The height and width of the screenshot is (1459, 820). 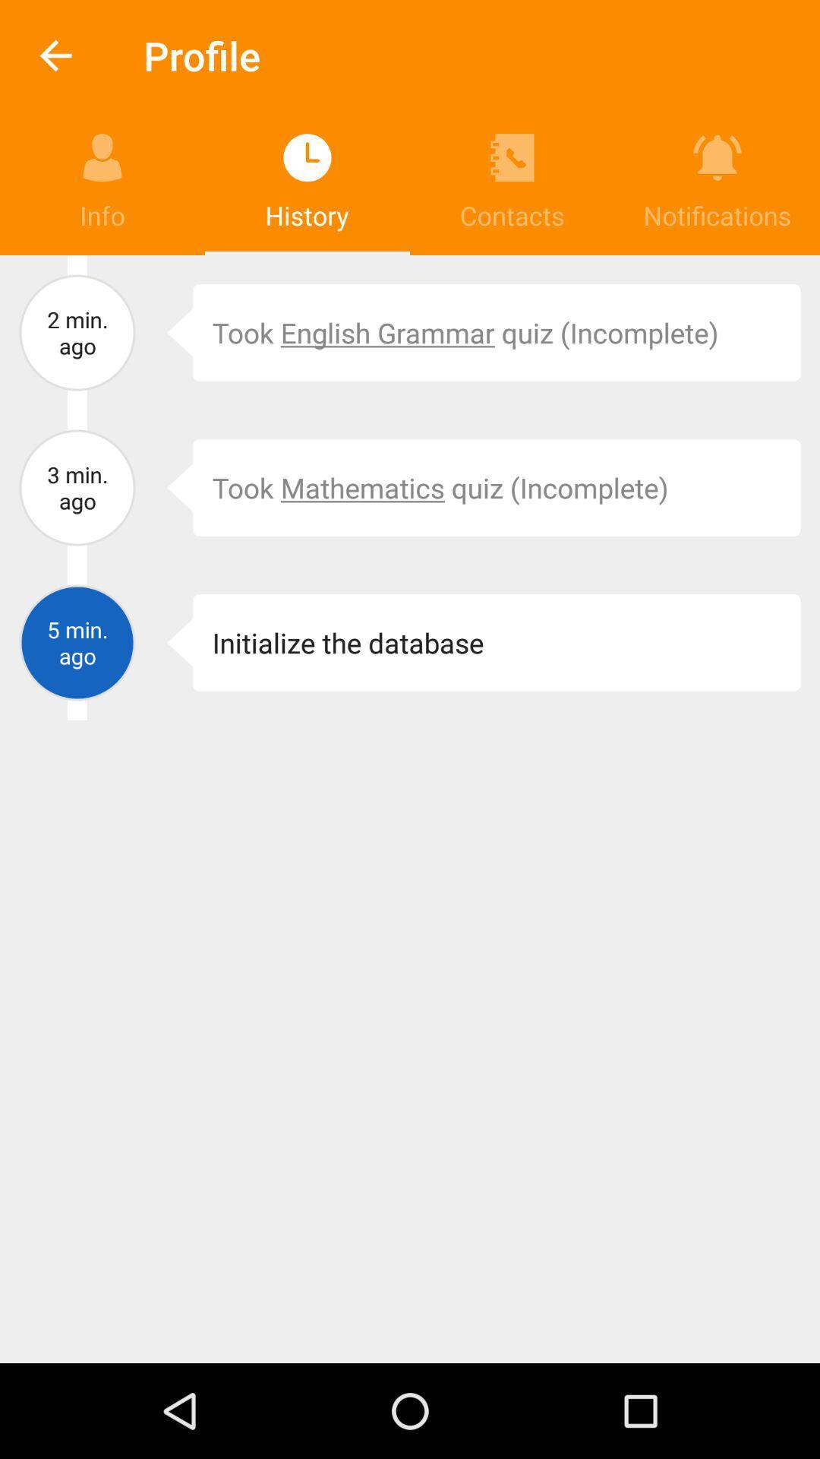 What do you see at coordinates (497, 642) in the screenshot?
I see `the initialize the database icon` at bounding box center [497, 642].